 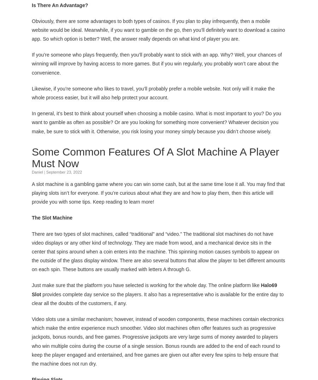 What do you see at coordinates (146, 285) in the screenshot?
I see `'Just make sure that the platform you have selected is working for the whole day. The online platform like'` at bounding box center [146, 285].